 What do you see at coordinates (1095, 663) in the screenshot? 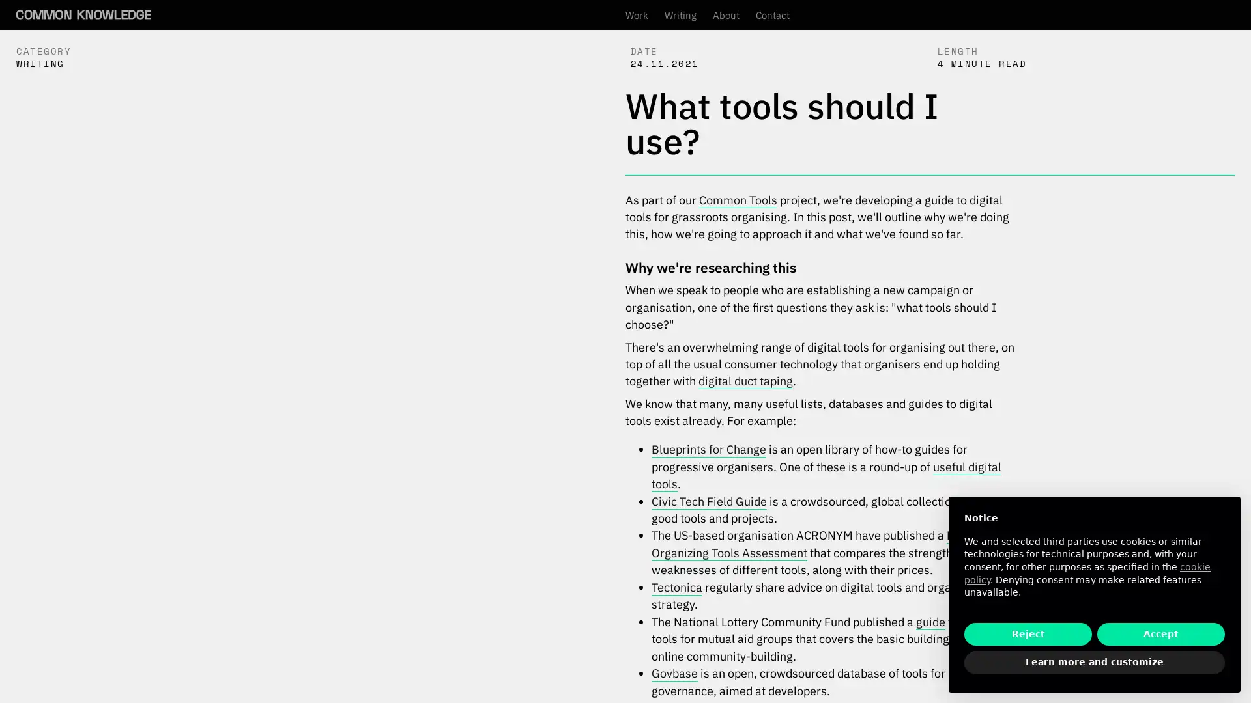
I see `Learn more and customize` at bounding box center [1095, 663].